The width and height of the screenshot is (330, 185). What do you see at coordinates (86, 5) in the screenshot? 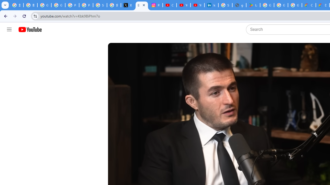
I see `'Privacy Help Center - Policies Help'` at bounding box center [86, 5].